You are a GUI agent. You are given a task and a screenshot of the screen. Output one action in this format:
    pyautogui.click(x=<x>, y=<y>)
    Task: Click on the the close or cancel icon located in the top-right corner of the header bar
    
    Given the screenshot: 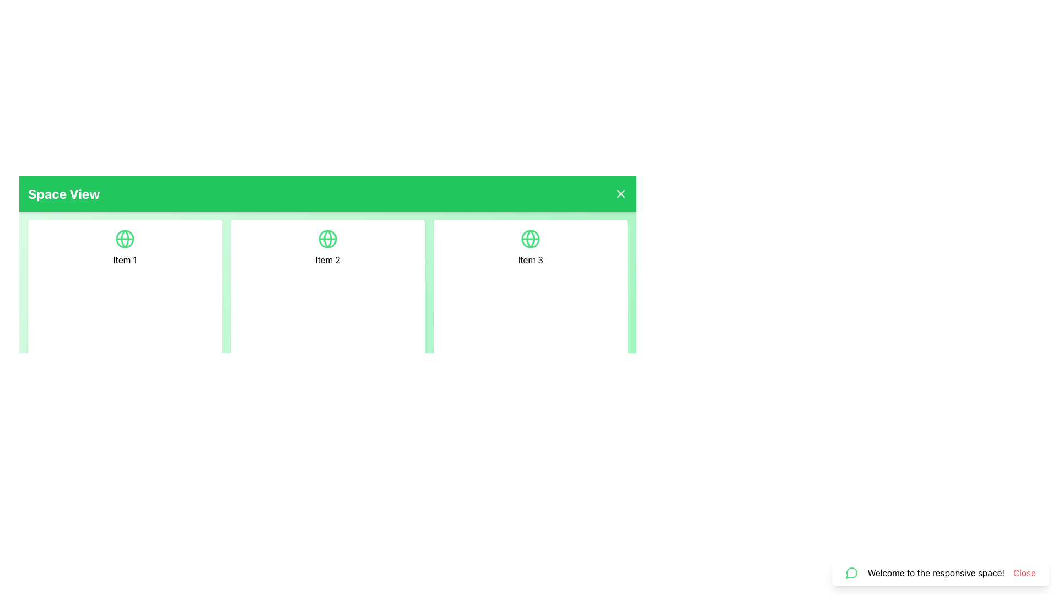 What is the action you would take?
    pyautogui.click(x=621, y=193)
    